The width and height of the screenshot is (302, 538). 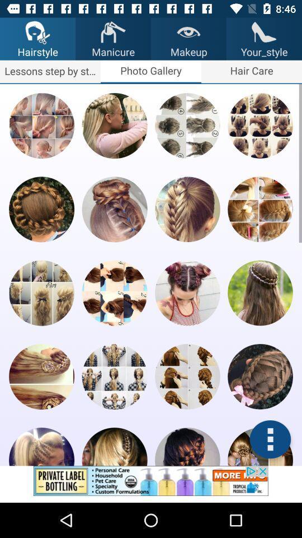 What do you see at coordinates (187, 208) in the screenshot?
I see `hairstyle thumbnail` at bounding box center [187, 208].